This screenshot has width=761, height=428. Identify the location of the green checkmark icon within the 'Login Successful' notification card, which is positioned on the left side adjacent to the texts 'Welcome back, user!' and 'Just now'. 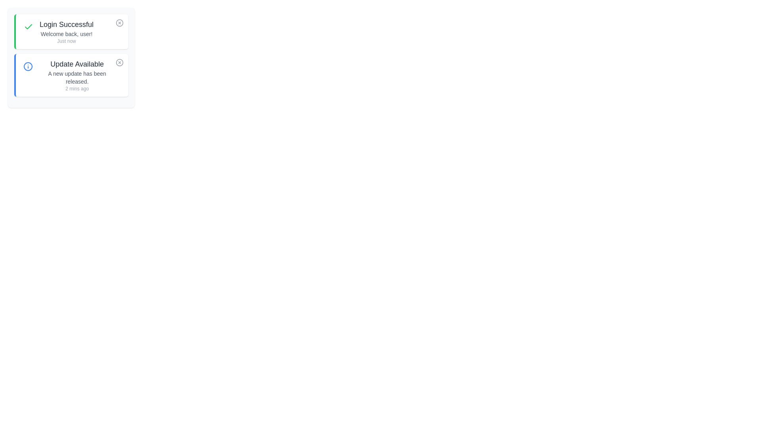
(29, 27).